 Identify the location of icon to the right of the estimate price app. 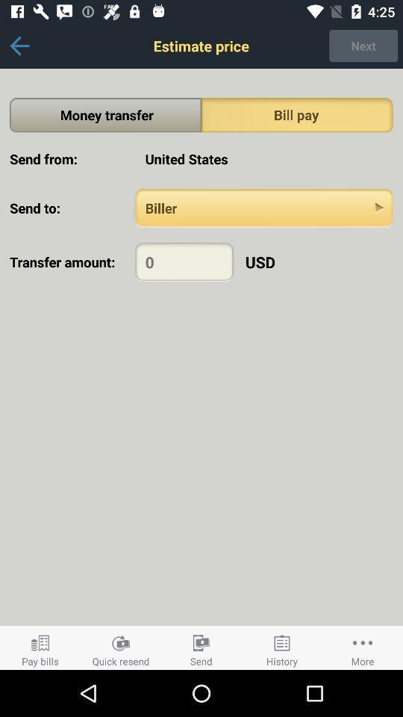
(363, 46).